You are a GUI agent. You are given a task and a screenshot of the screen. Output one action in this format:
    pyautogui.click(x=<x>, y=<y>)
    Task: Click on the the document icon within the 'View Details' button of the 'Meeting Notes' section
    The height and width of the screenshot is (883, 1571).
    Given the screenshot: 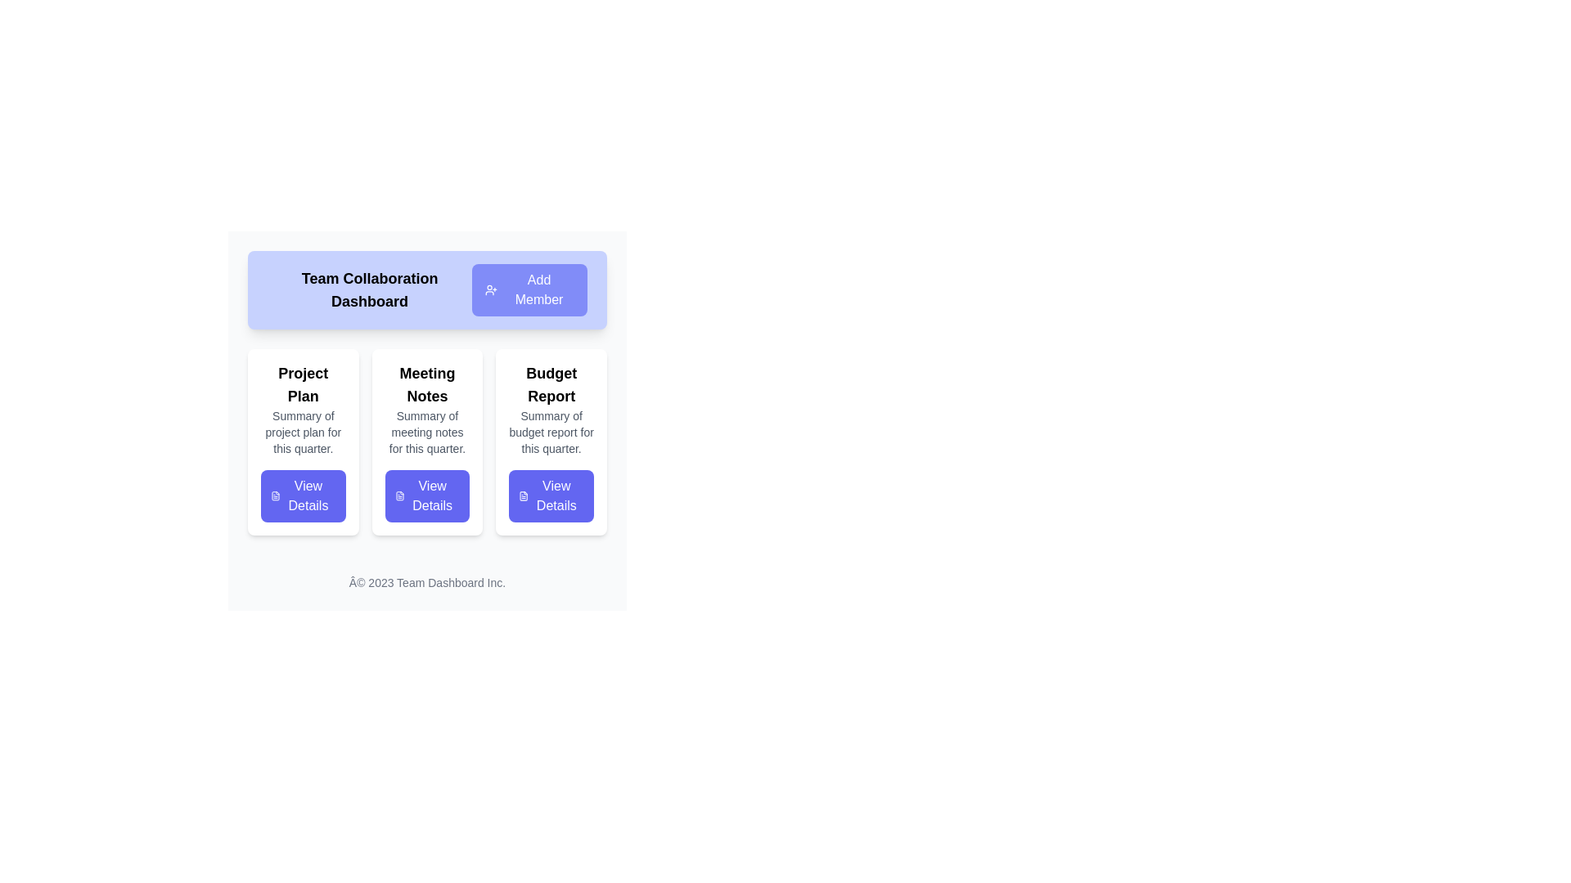 What is the action you would take?
    pyautogui.click(x=399, y=495)
    